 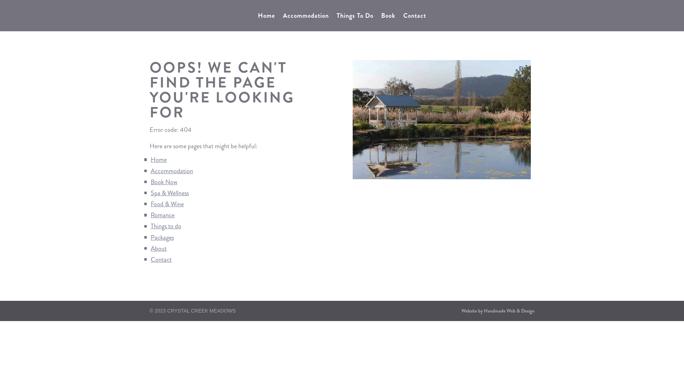 What do you see at coordinates (381, 16) in the screenshot?
I see `'Book'` at bounding box center [381, 16].